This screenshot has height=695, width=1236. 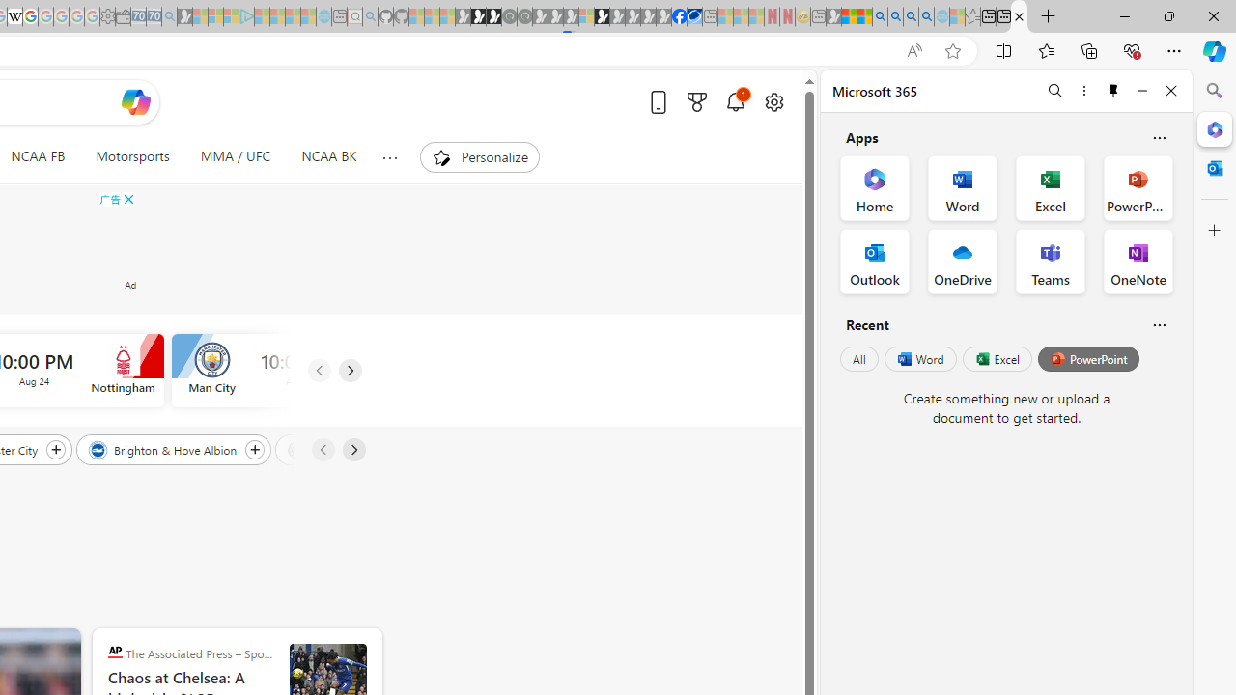 What do you see at coordinates (879, 16) in the screenshot?
I see `'Bing AI - Search'` at bounding box center [879, 16].